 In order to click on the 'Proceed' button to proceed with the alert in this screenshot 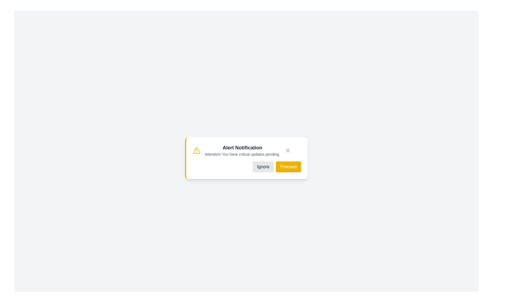, I will do `click(288, 166)`.